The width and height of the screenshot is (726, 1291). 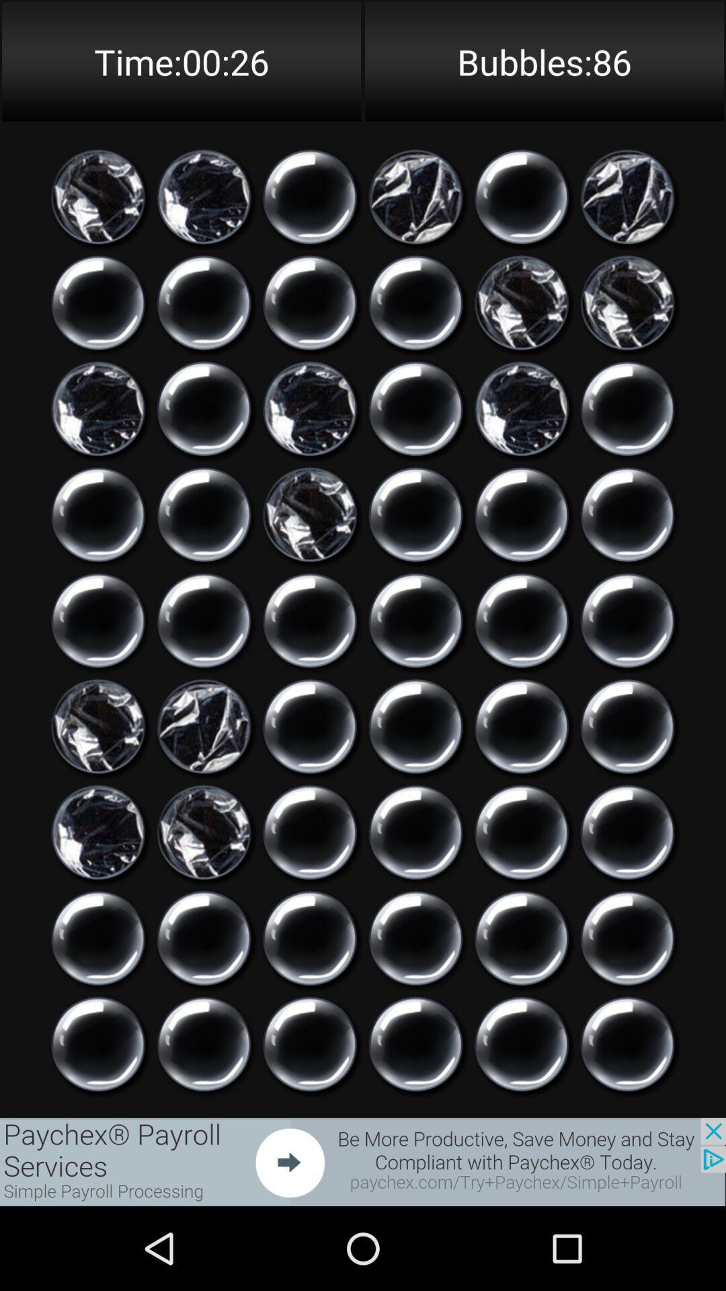 I want to click on the refresh icon, so click(x=310, y=1004).